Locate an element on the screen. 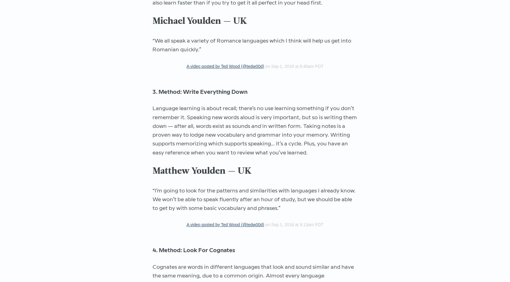 This screenshot has height=282, width=510. 'Language learning is about recall; there’s no use learning something if you don’t remember it. Speaking new words aloud is very important, but so is writing them down — after all, words exist as sounds' is located at coordinates (254, 117).